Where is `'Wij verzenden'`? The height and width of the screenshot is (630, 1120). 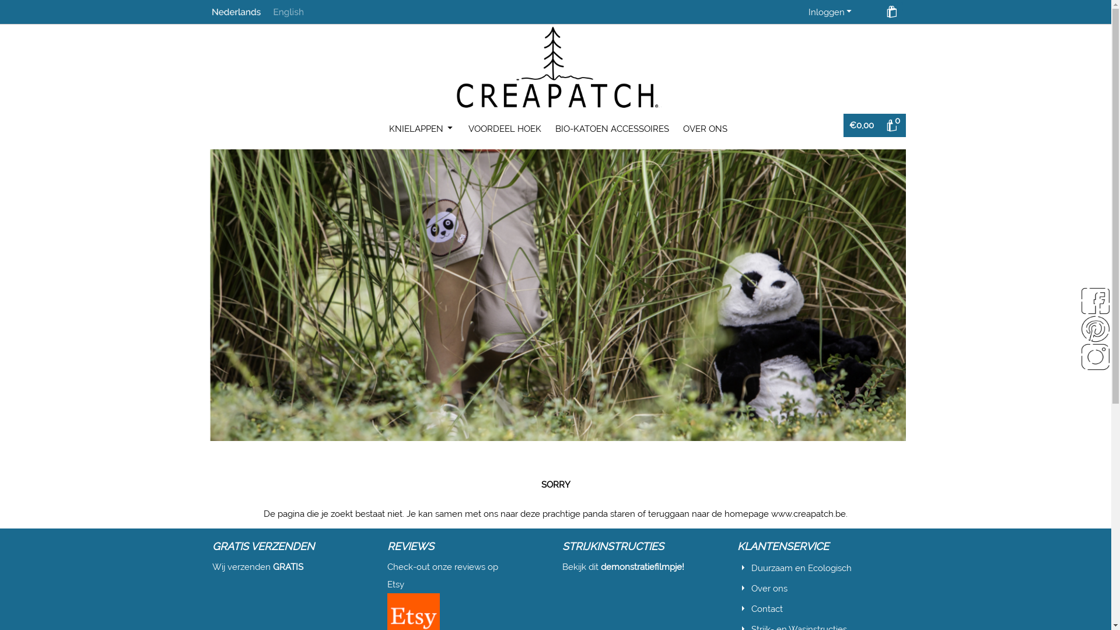 'Wij verzenden' is located at coordinates (212, 566).